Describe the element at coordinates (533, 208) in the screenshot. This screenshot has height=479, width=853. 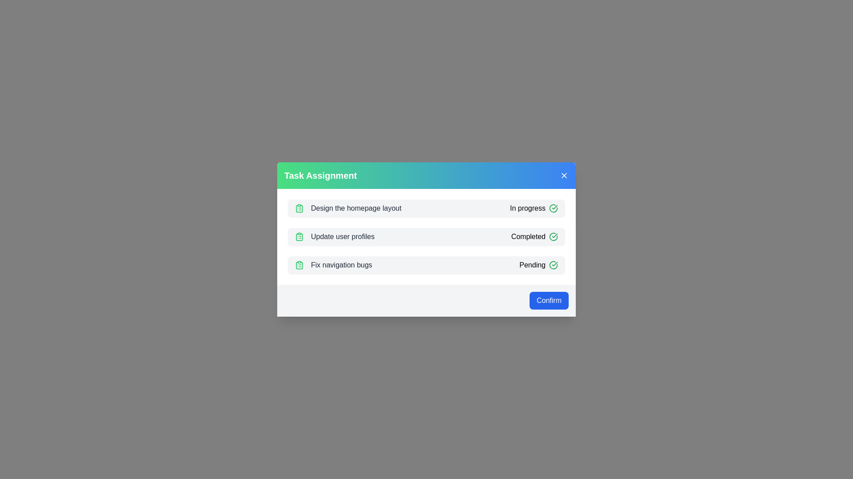
I see `the status indicator text label displaying 'In progress' for the task 'Design the homepage layout', located adjacent to the green circular check icon` at that location.